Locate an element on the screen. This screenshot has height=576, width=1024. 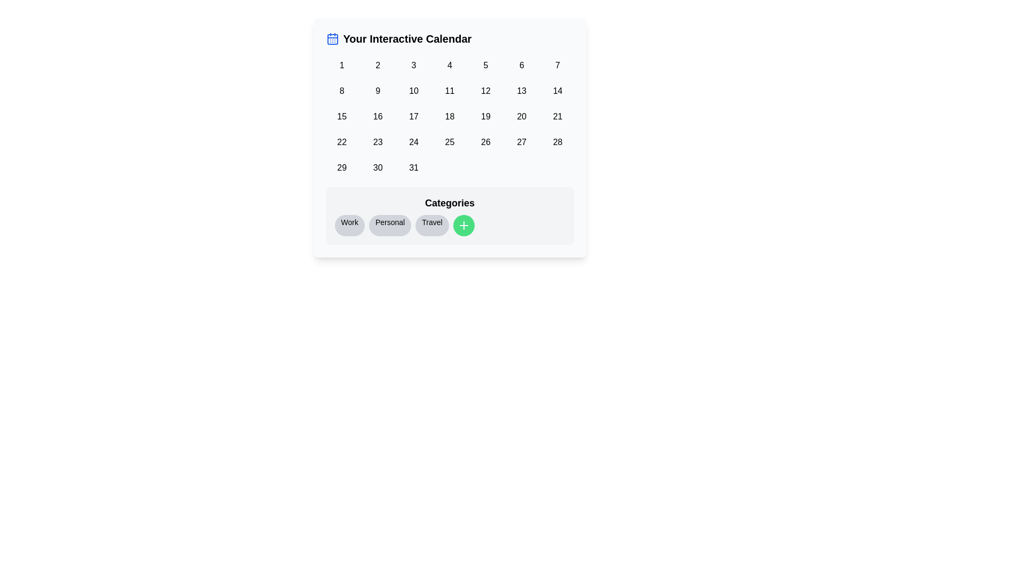
the small rectangular button with rounded corners containing the text '27' in bold black font, located in the seventh position of the fourth row within the calendar grid, to trigger a style change is located at coordinates (522, 141).